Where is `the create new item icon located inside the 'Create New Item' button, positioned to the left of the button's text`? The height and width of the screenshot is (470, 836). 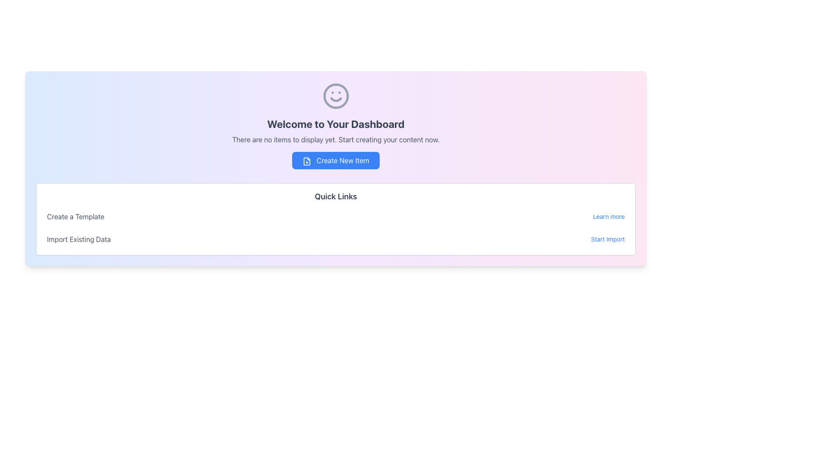 the create new item icon located inside the 'Create New Item' button, positioned to the left of the button's text is located at coordinates (307, 161).